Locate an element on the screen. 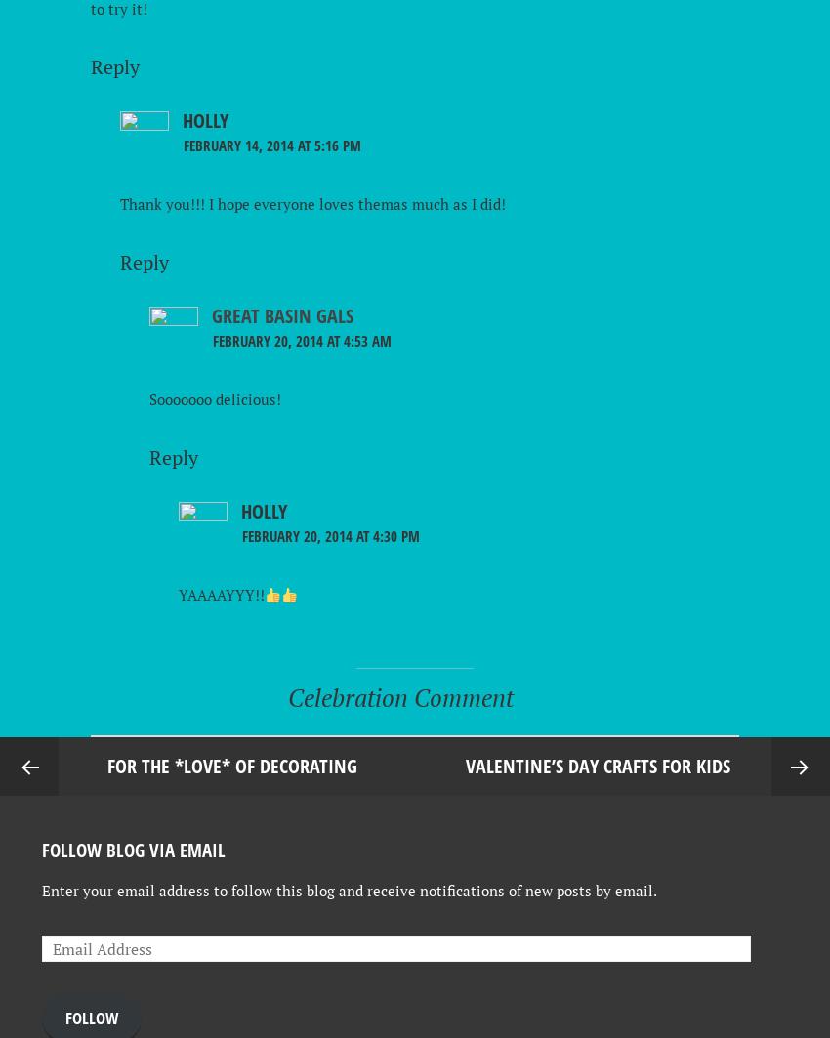 This screenshot has width=830, height=1038. 'Thank you!!! I hope everyone loves themas much as I did!' is located at coordinates (312, 203).